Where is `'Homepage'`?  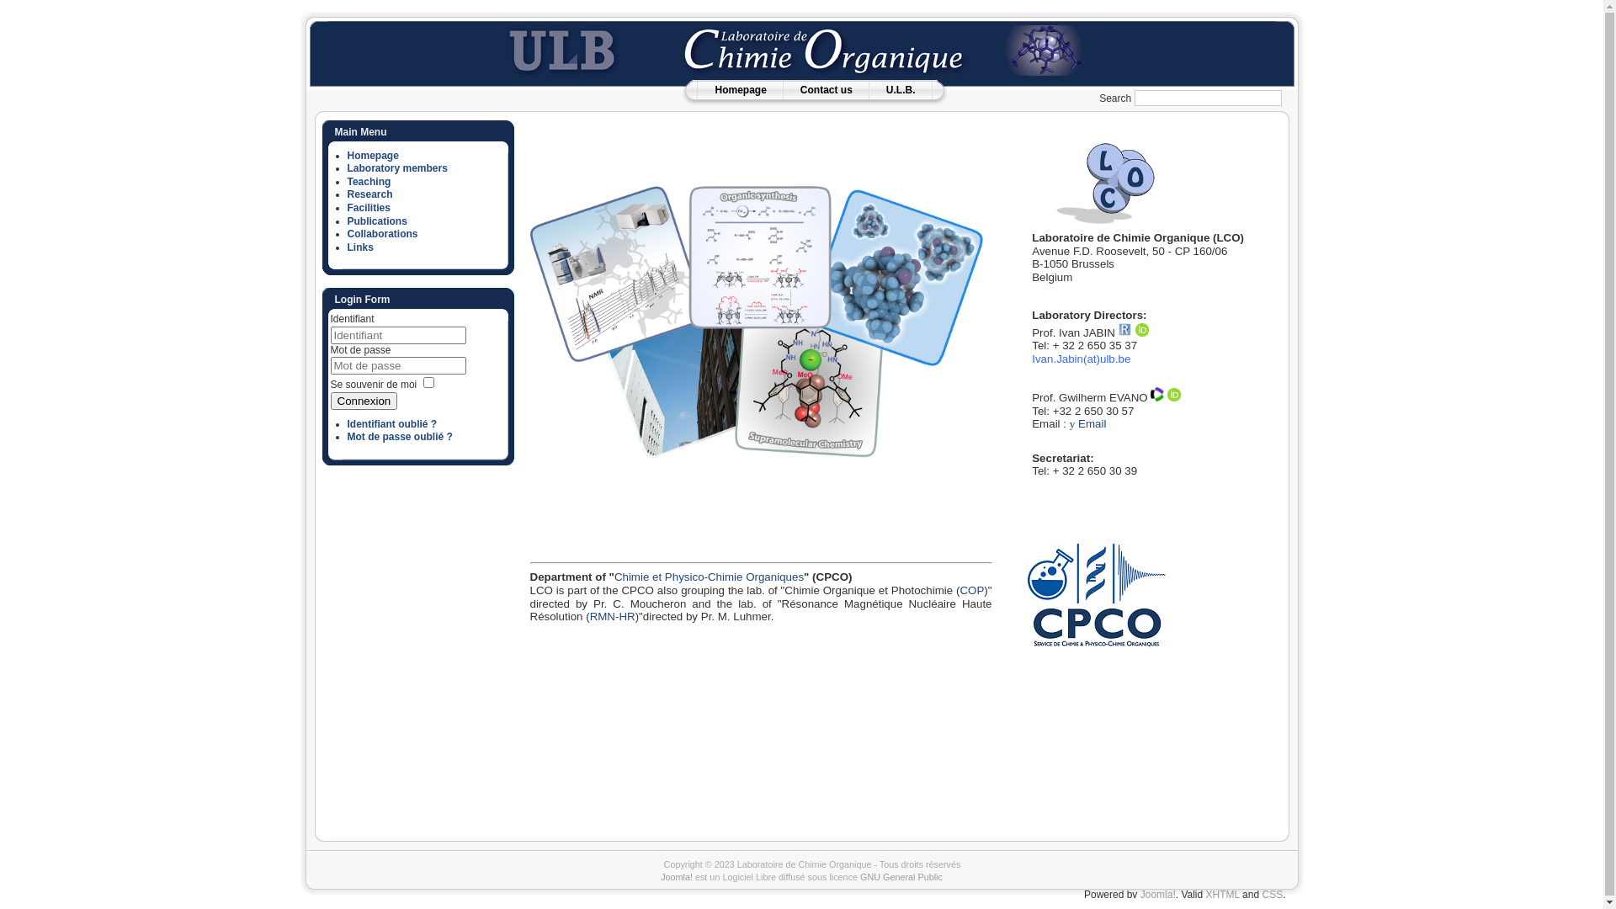
'Homepage' is located at coordinates (740, 90).